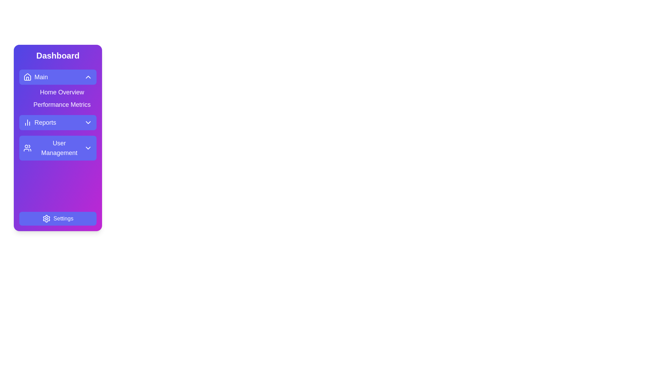 The image size is (662, 372). I want to click on the Chevron icon located to the right of the 'User Management' text within the indigo button, so click(88, 147).